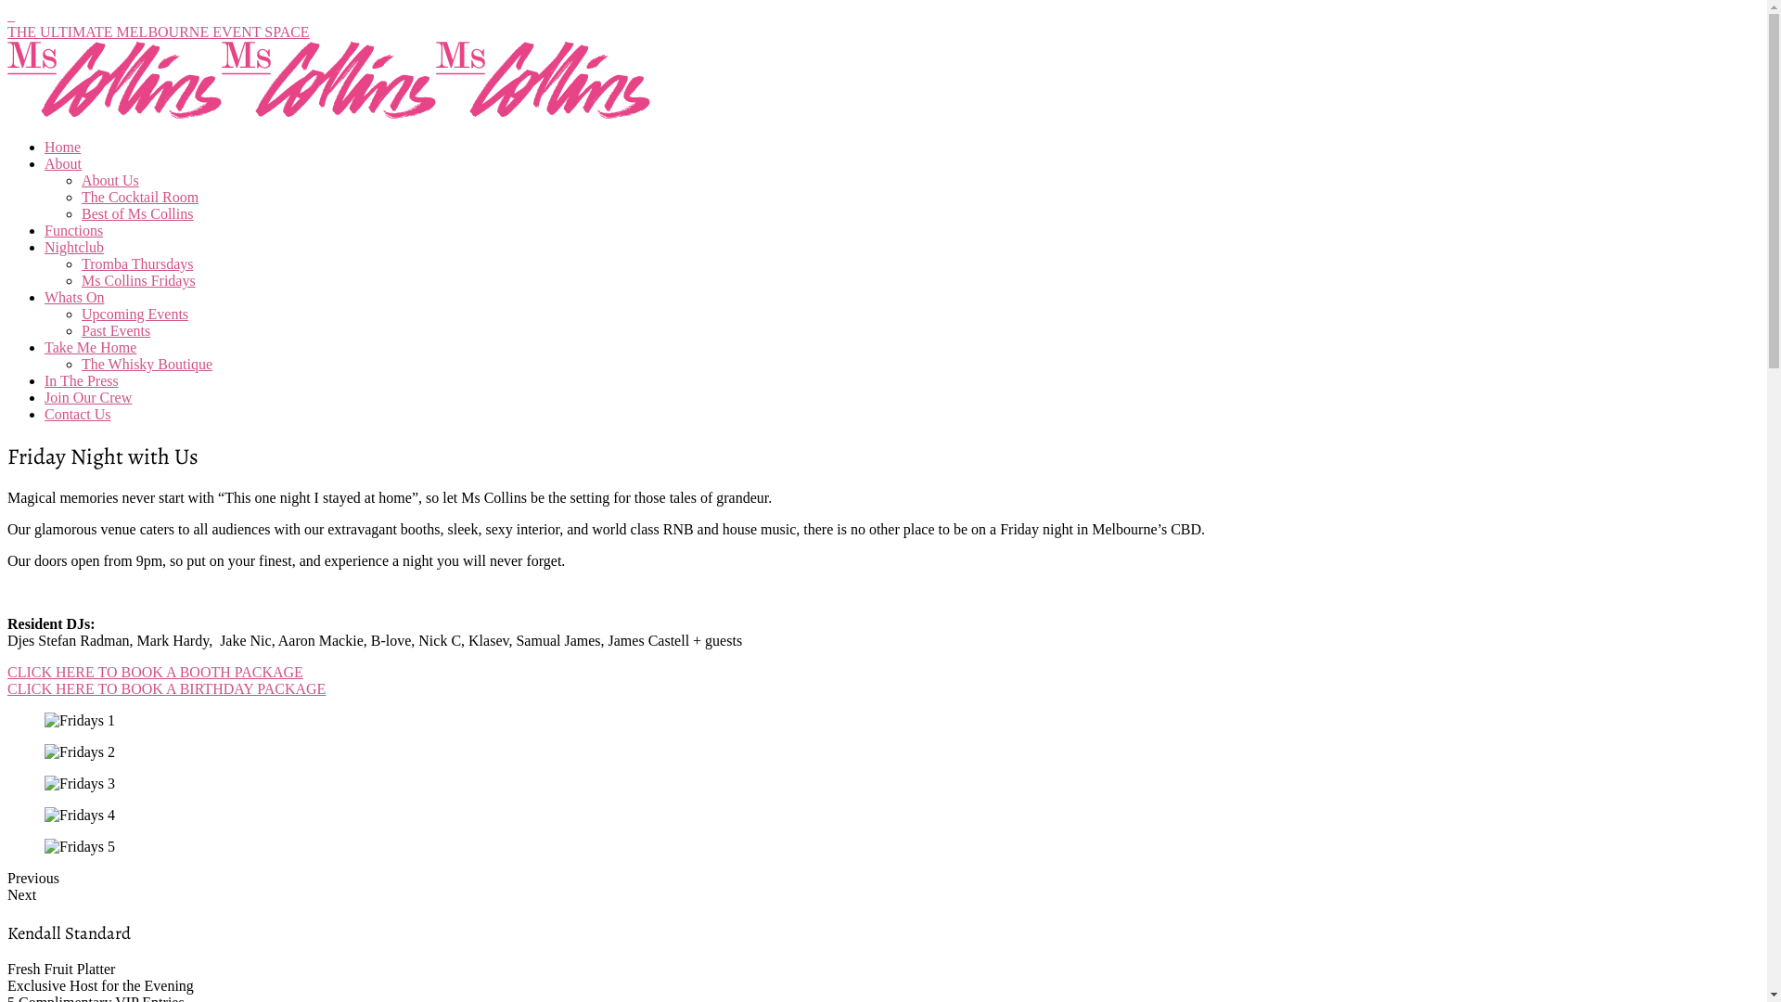  Describe the element at coordinates (62, 162) in the screenshot. I see `'About'` at that location.